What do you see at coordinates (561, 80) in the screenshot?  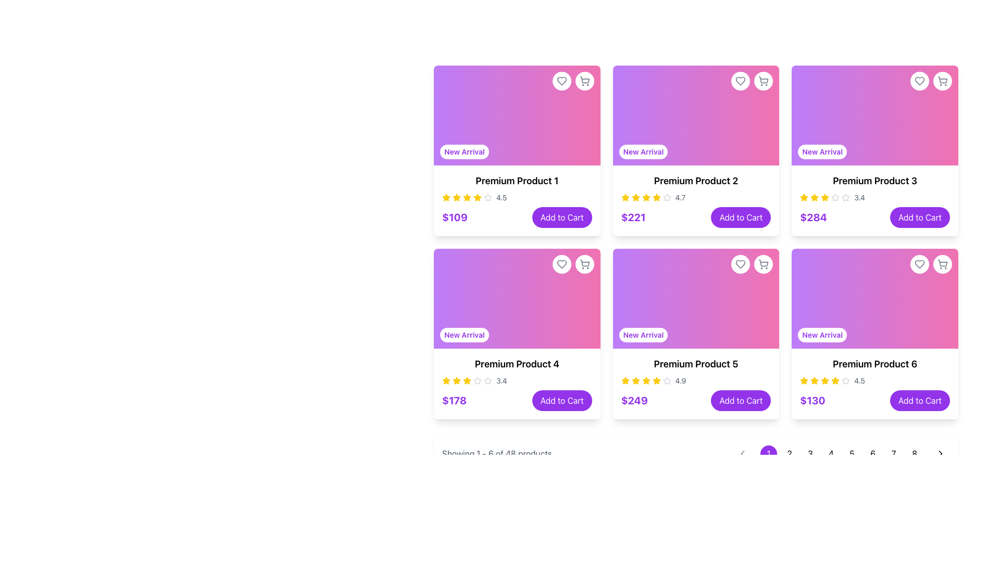 I see `the favorite button located at the top-right corner of the product card for 'Premium Product 1'` at bounding box center [561, 80].